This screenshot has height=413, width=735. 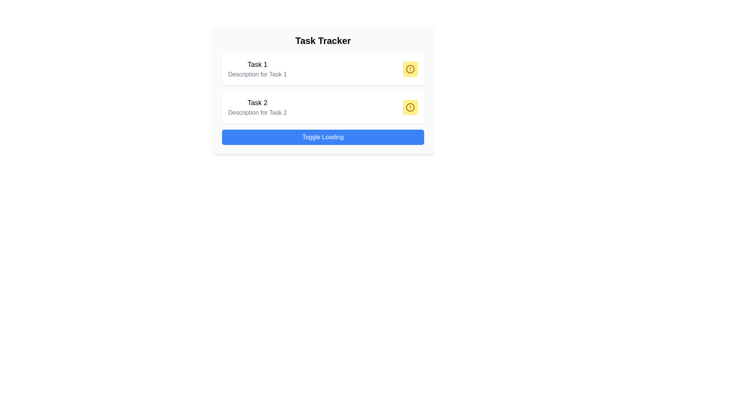 I want to click on the text label stating 'Task 1', which is styled in a large bold font and is positioned at the top of the task card, so click(x=257, y=64).